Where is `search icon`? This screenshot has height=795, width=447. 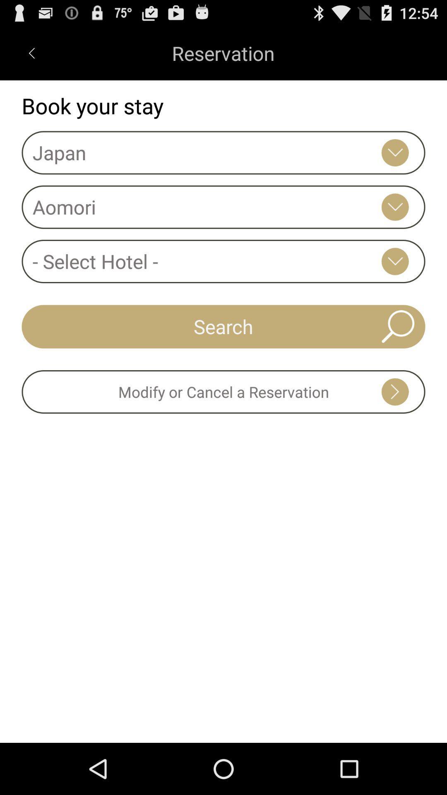 search icon is located at coordinates (223, 326).